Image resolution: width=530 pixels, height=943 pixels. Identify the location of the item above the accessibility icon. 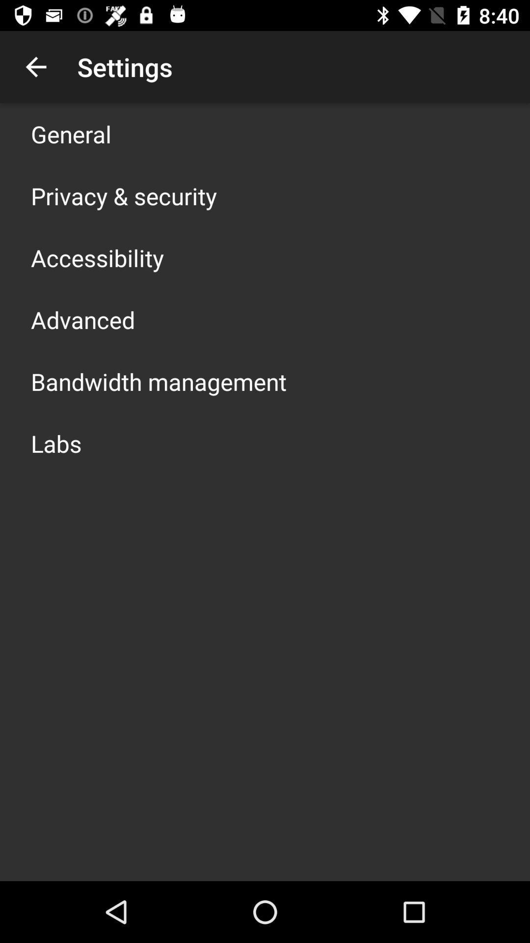
(123, 195).